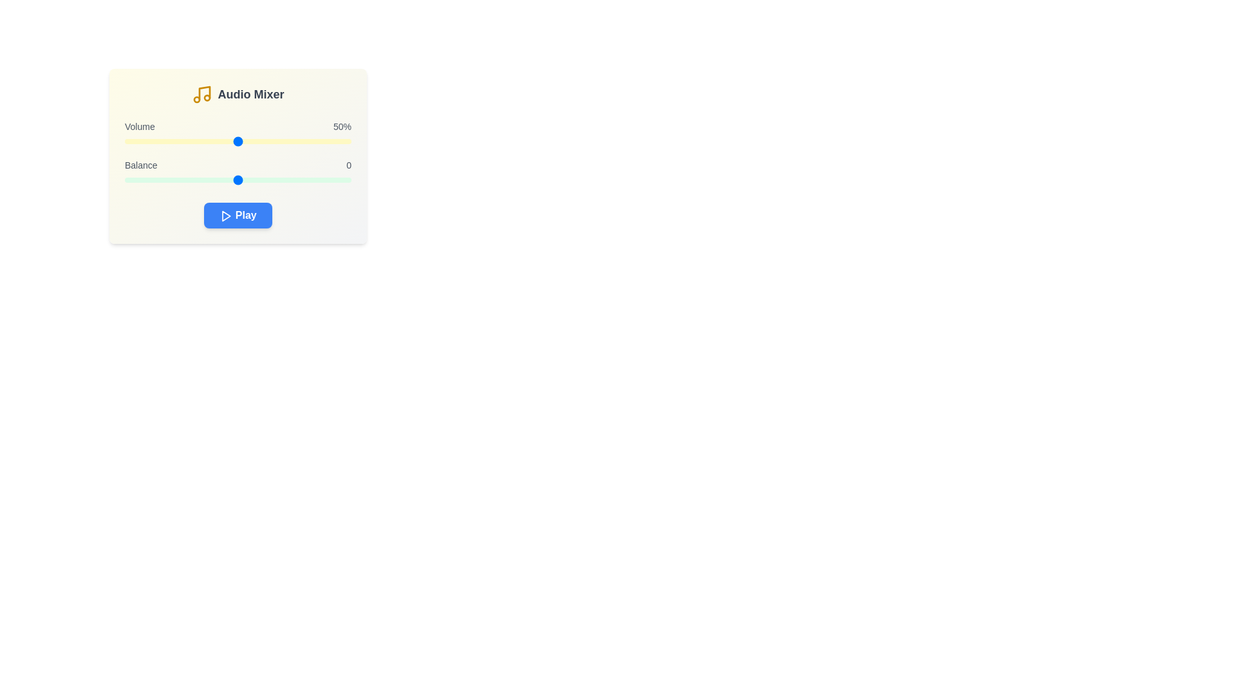 This screenshot has width=1236, height=695. What do you see at coordinates (167, 180) in the screenshot?
I see `balance` at bounding box center [167, 180].